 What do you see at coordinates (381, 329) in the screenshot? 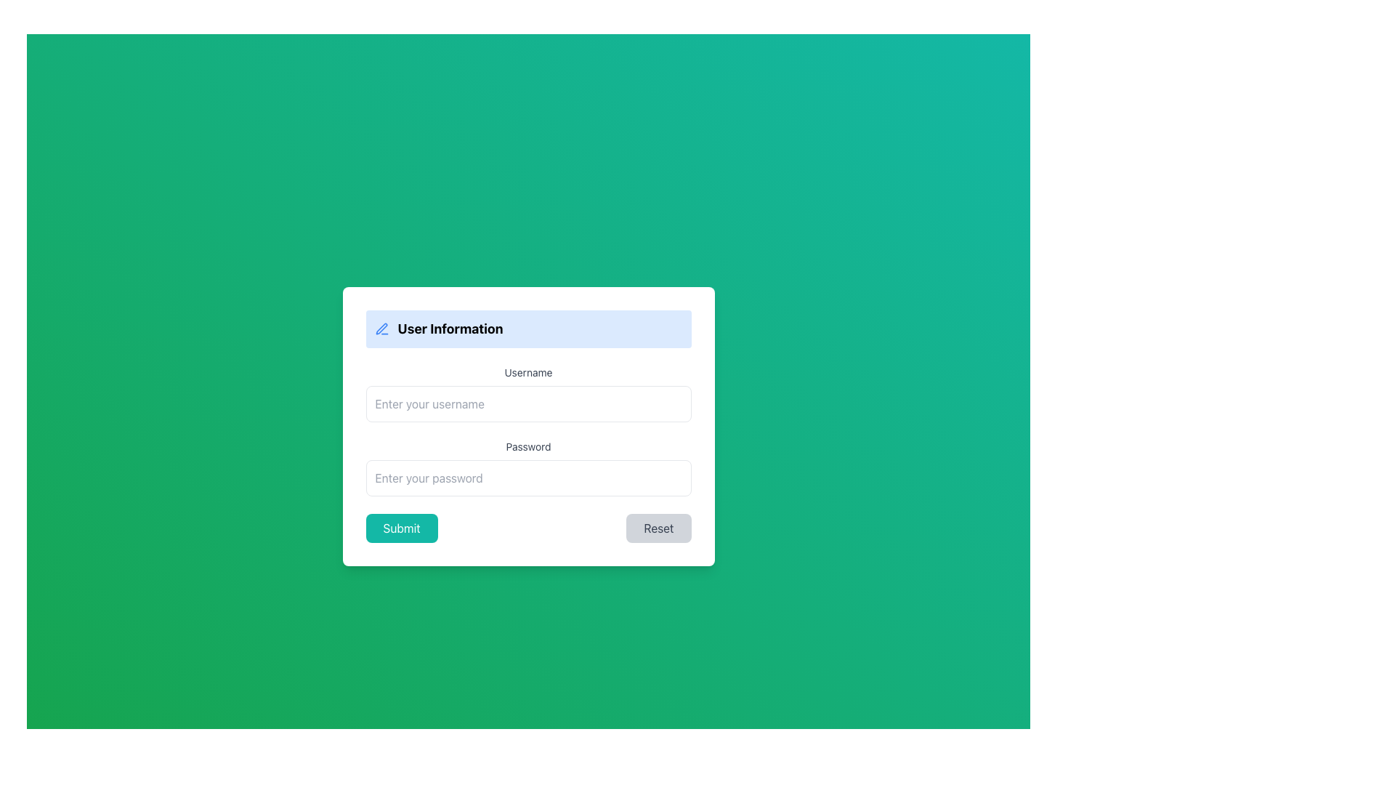
I see `the decorative vector graphic icon located on the left side of the 'User Information' section, which symbolizes editing functionality` at bounding box center [381, 329].